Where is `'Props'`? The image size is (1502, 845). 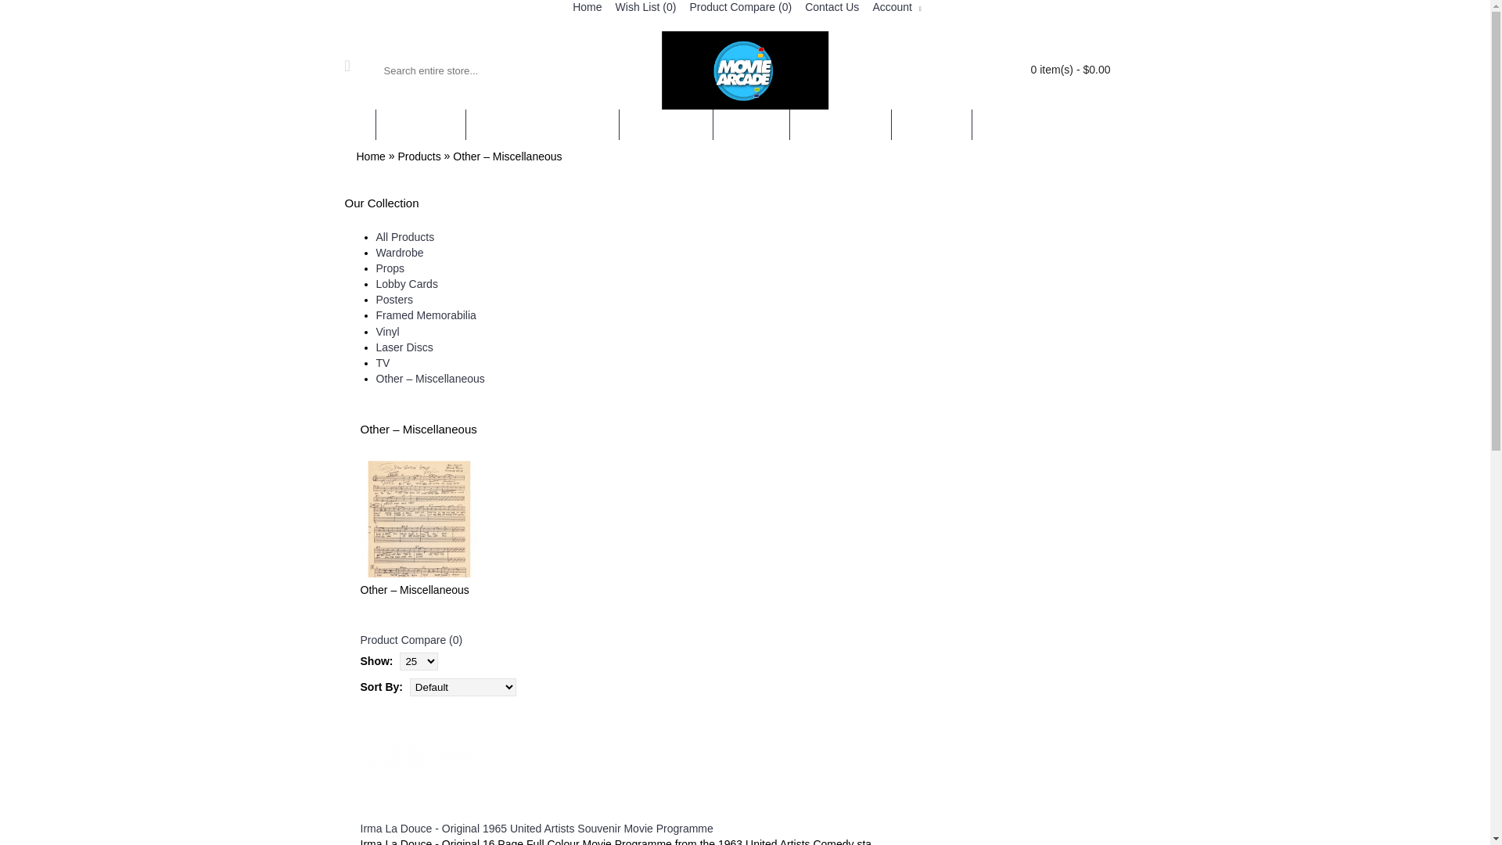 'Props' is located at coordinates (375, 268).